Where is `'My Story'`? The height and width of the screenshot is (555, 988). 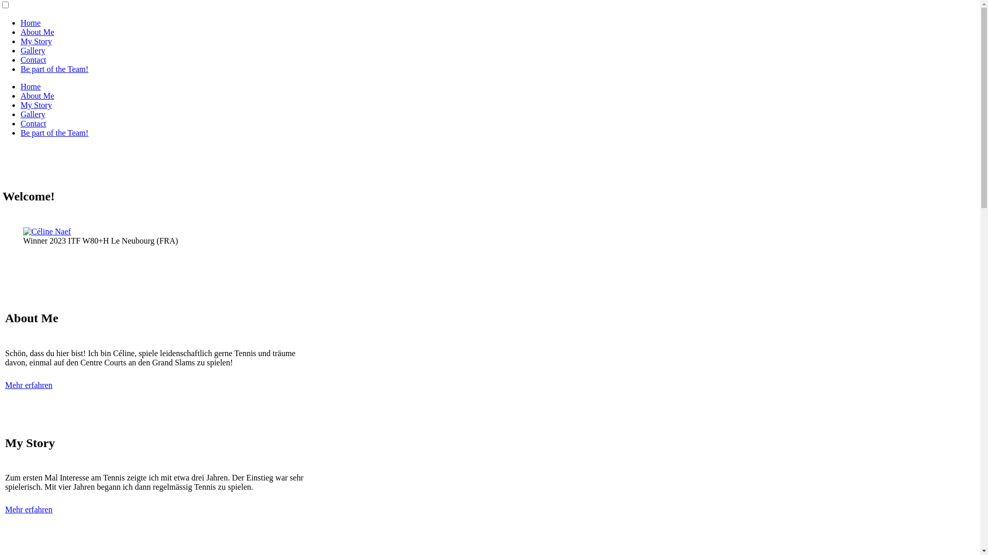 'My Story' is located at coordinates (36, 105).